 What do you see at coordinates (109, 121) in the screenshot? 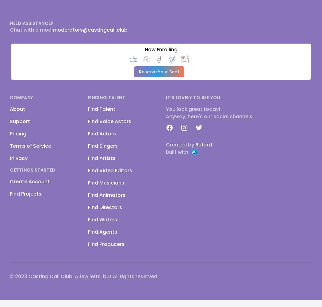
I see `'Find Voice Actors'` at bounding box center [109, 121].